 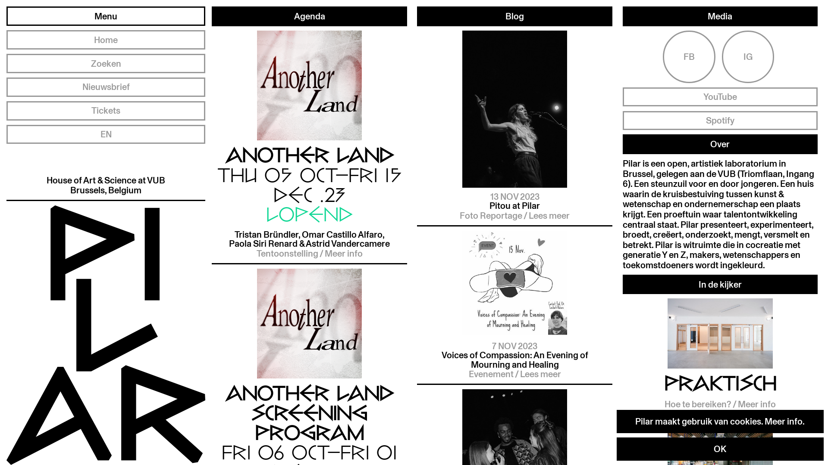 I want to click on 'OK', so click(x=720, y=448).